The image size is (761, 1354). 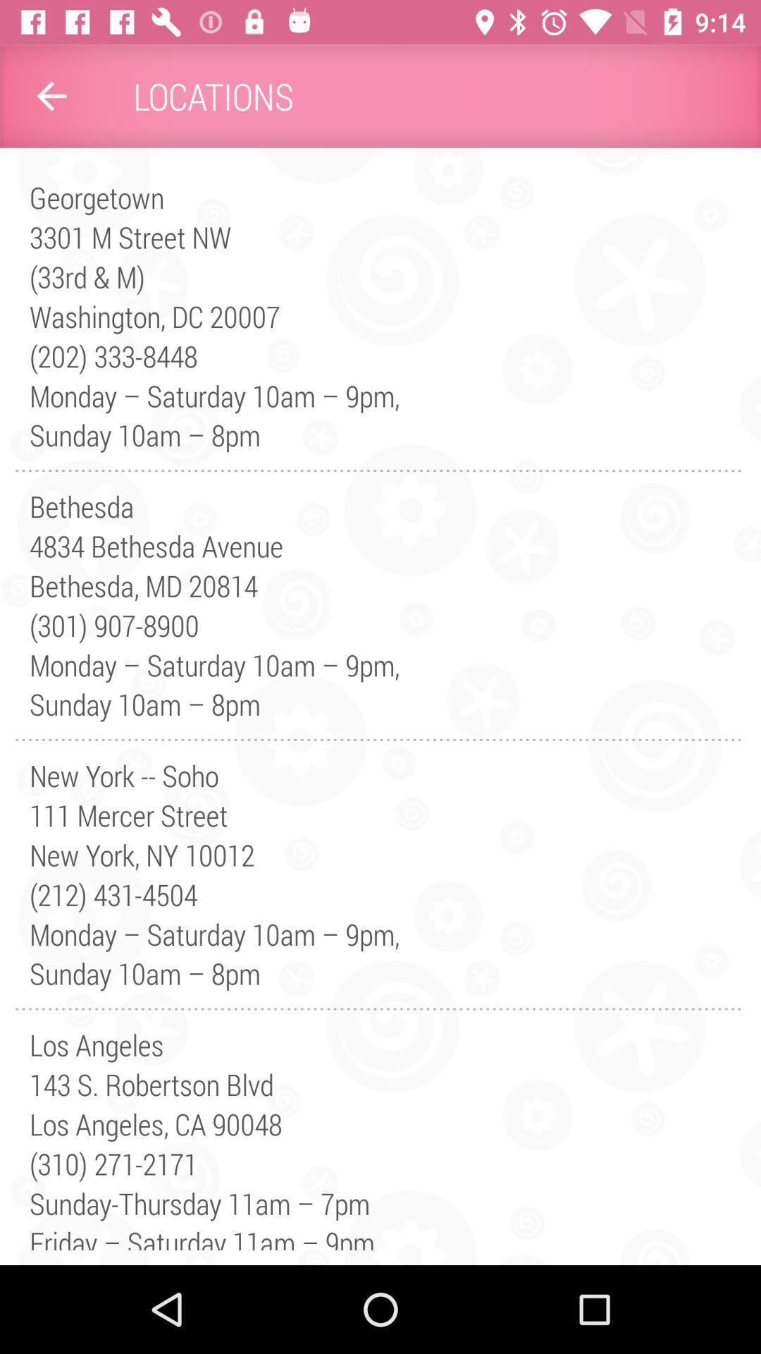 What do you see at coordinates (51, 95) in the screenshot?
I see `the app to the left of locations item` at bounding box center [51, 95].